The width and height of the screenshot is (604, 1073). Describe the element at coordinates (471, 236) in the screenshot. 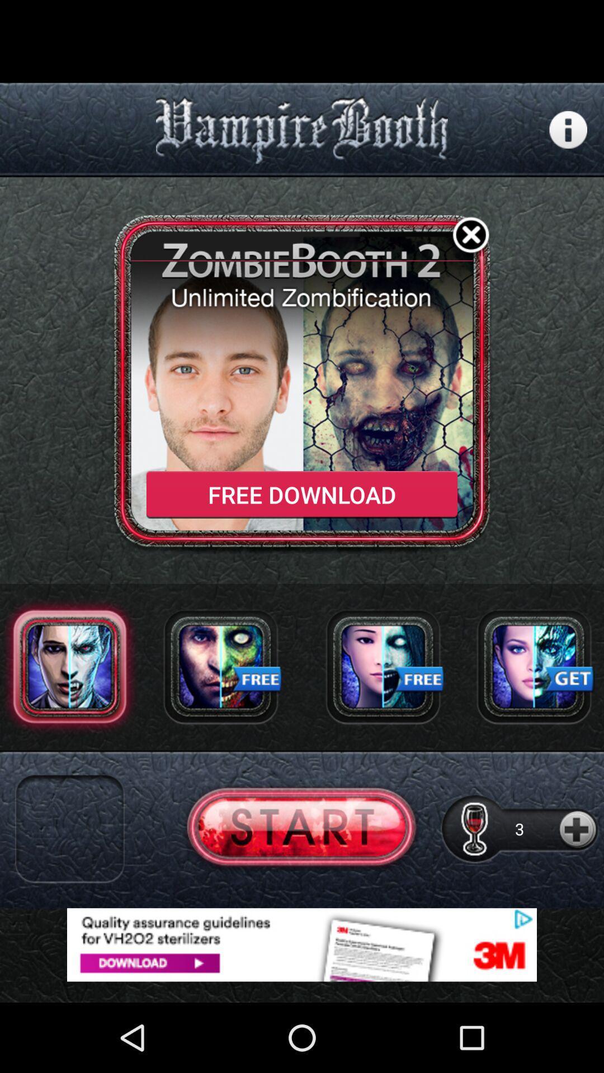

I see `close button` at that location.